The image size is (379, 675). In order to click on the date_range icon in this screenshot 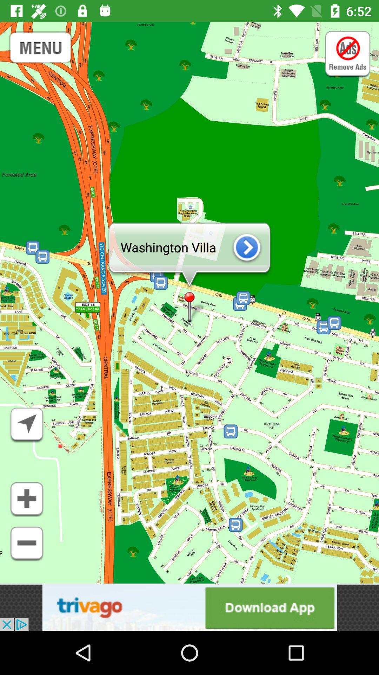, I will do `click(40, 47)`.